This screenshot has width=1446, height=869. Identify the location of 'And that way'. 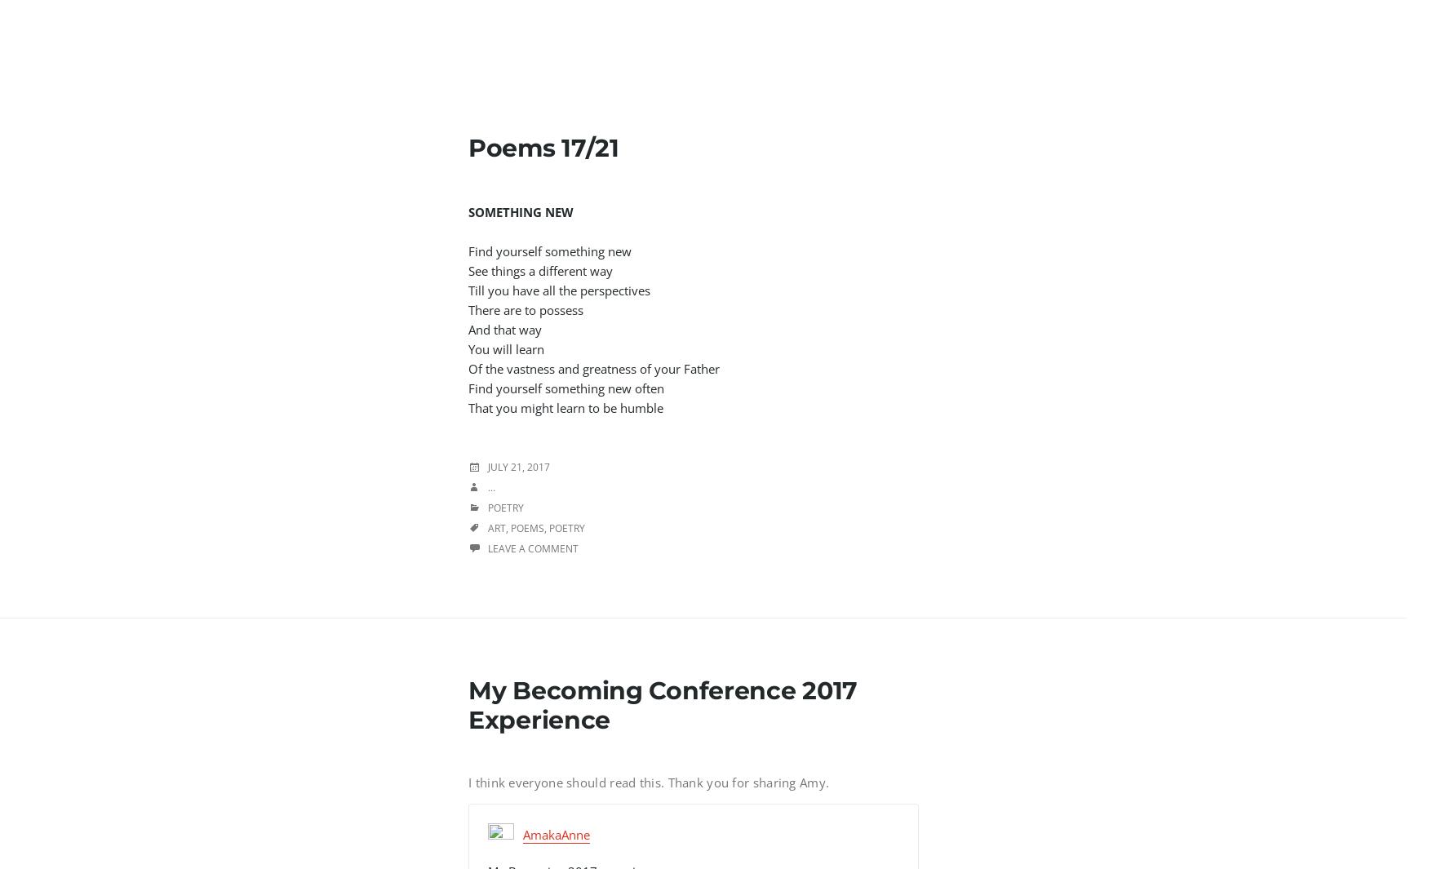
(507, 328).